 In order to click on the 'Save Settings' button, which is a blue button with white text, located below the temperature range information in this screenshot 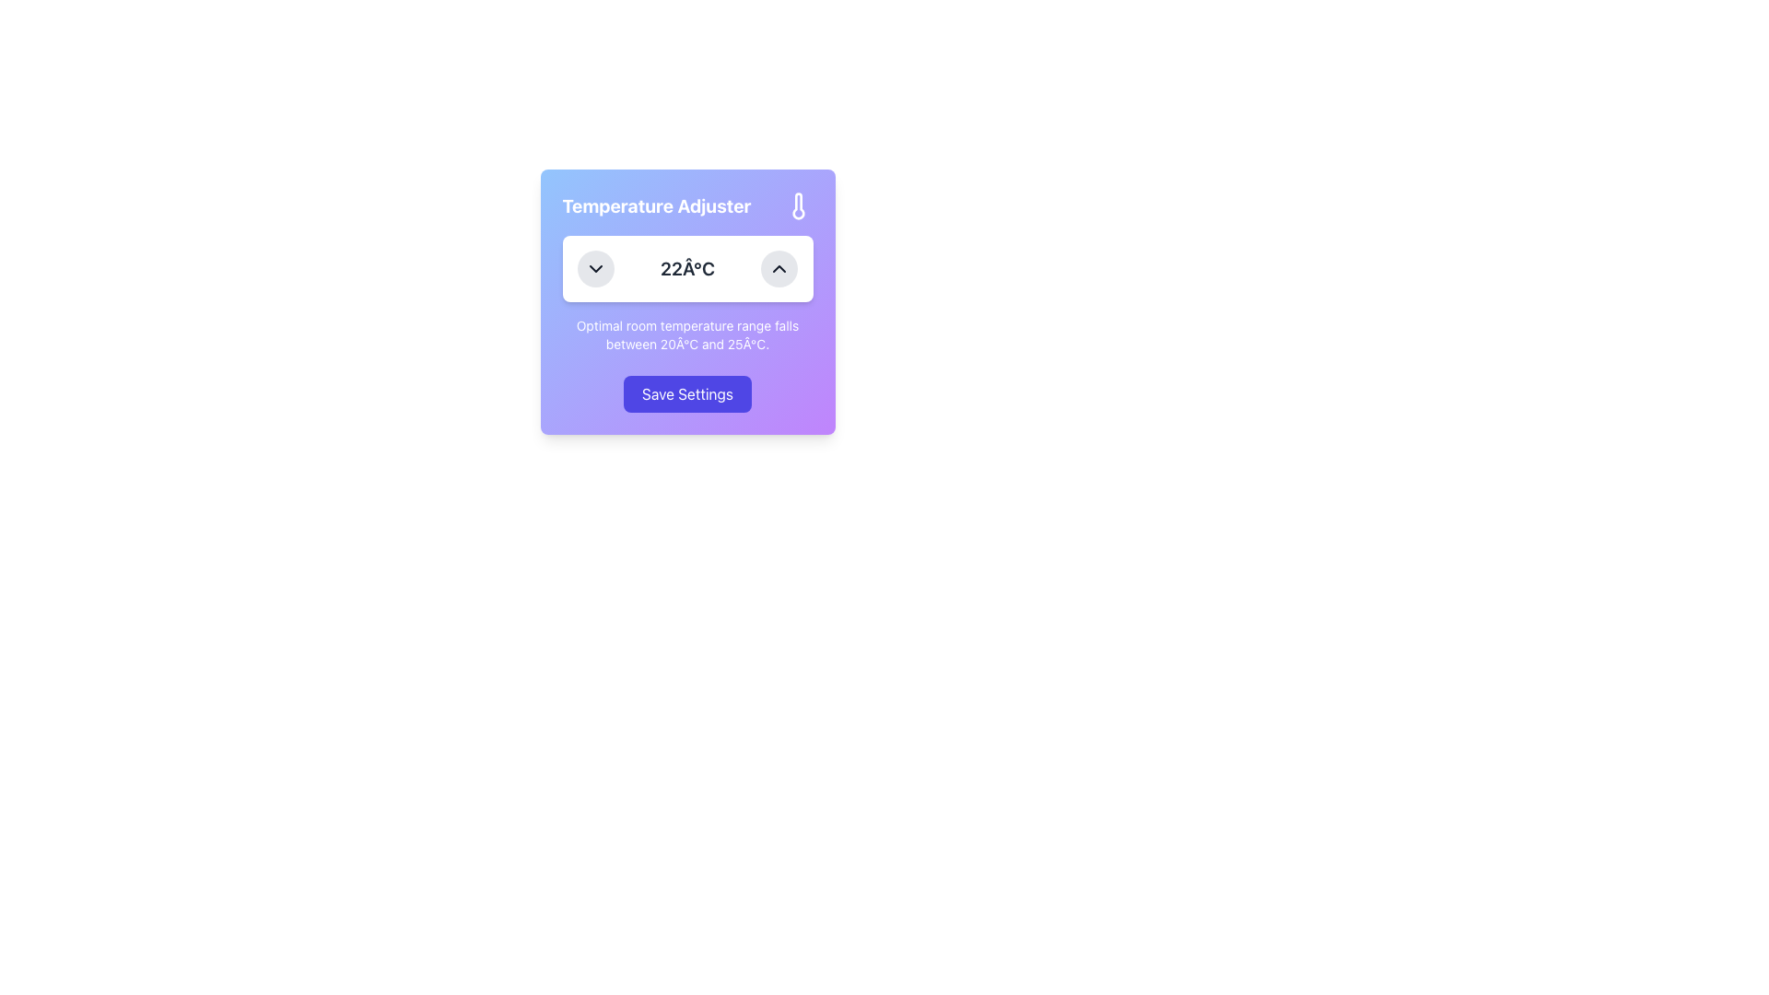, I will do `click(686, 393)`.